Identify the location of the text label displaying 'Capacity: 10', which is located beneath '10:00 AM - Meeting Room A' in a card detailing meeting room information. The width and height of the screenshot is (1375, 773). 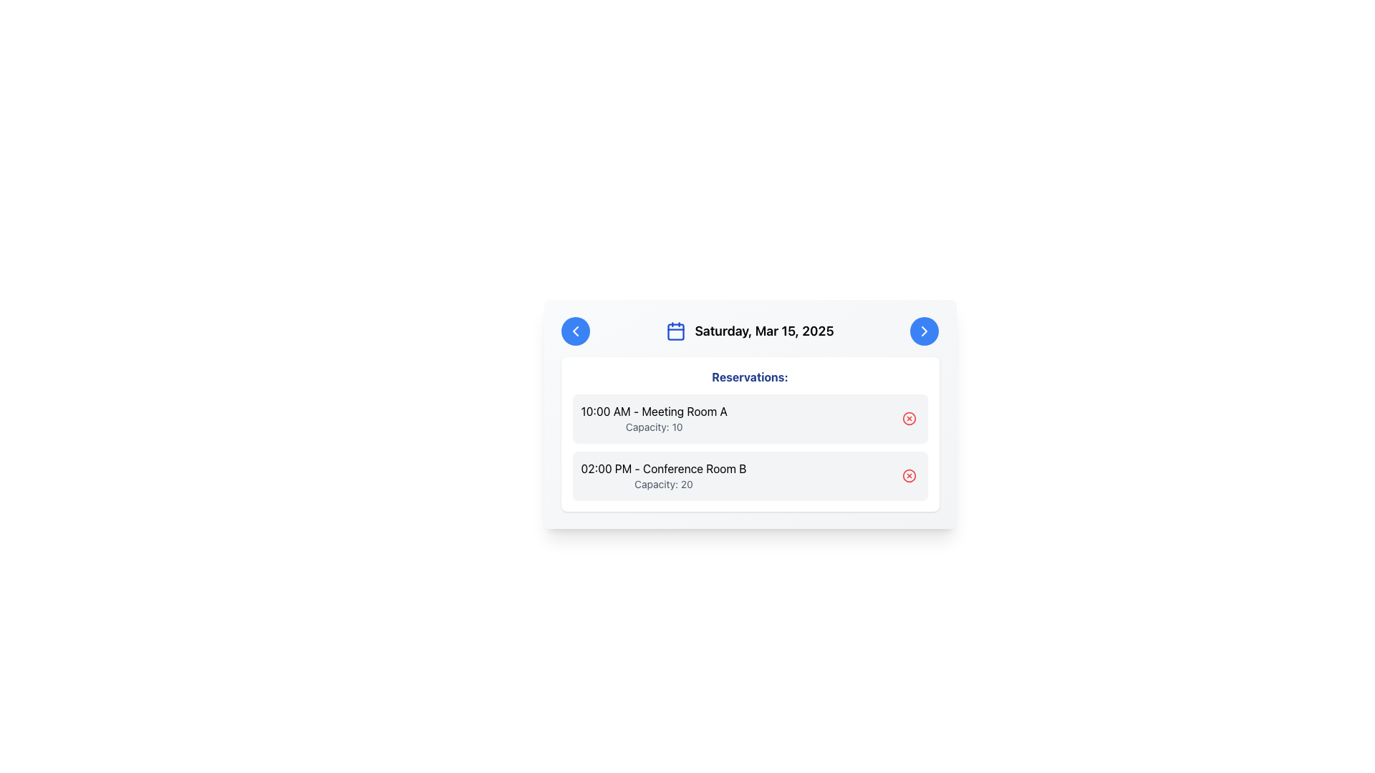
(653, 427).